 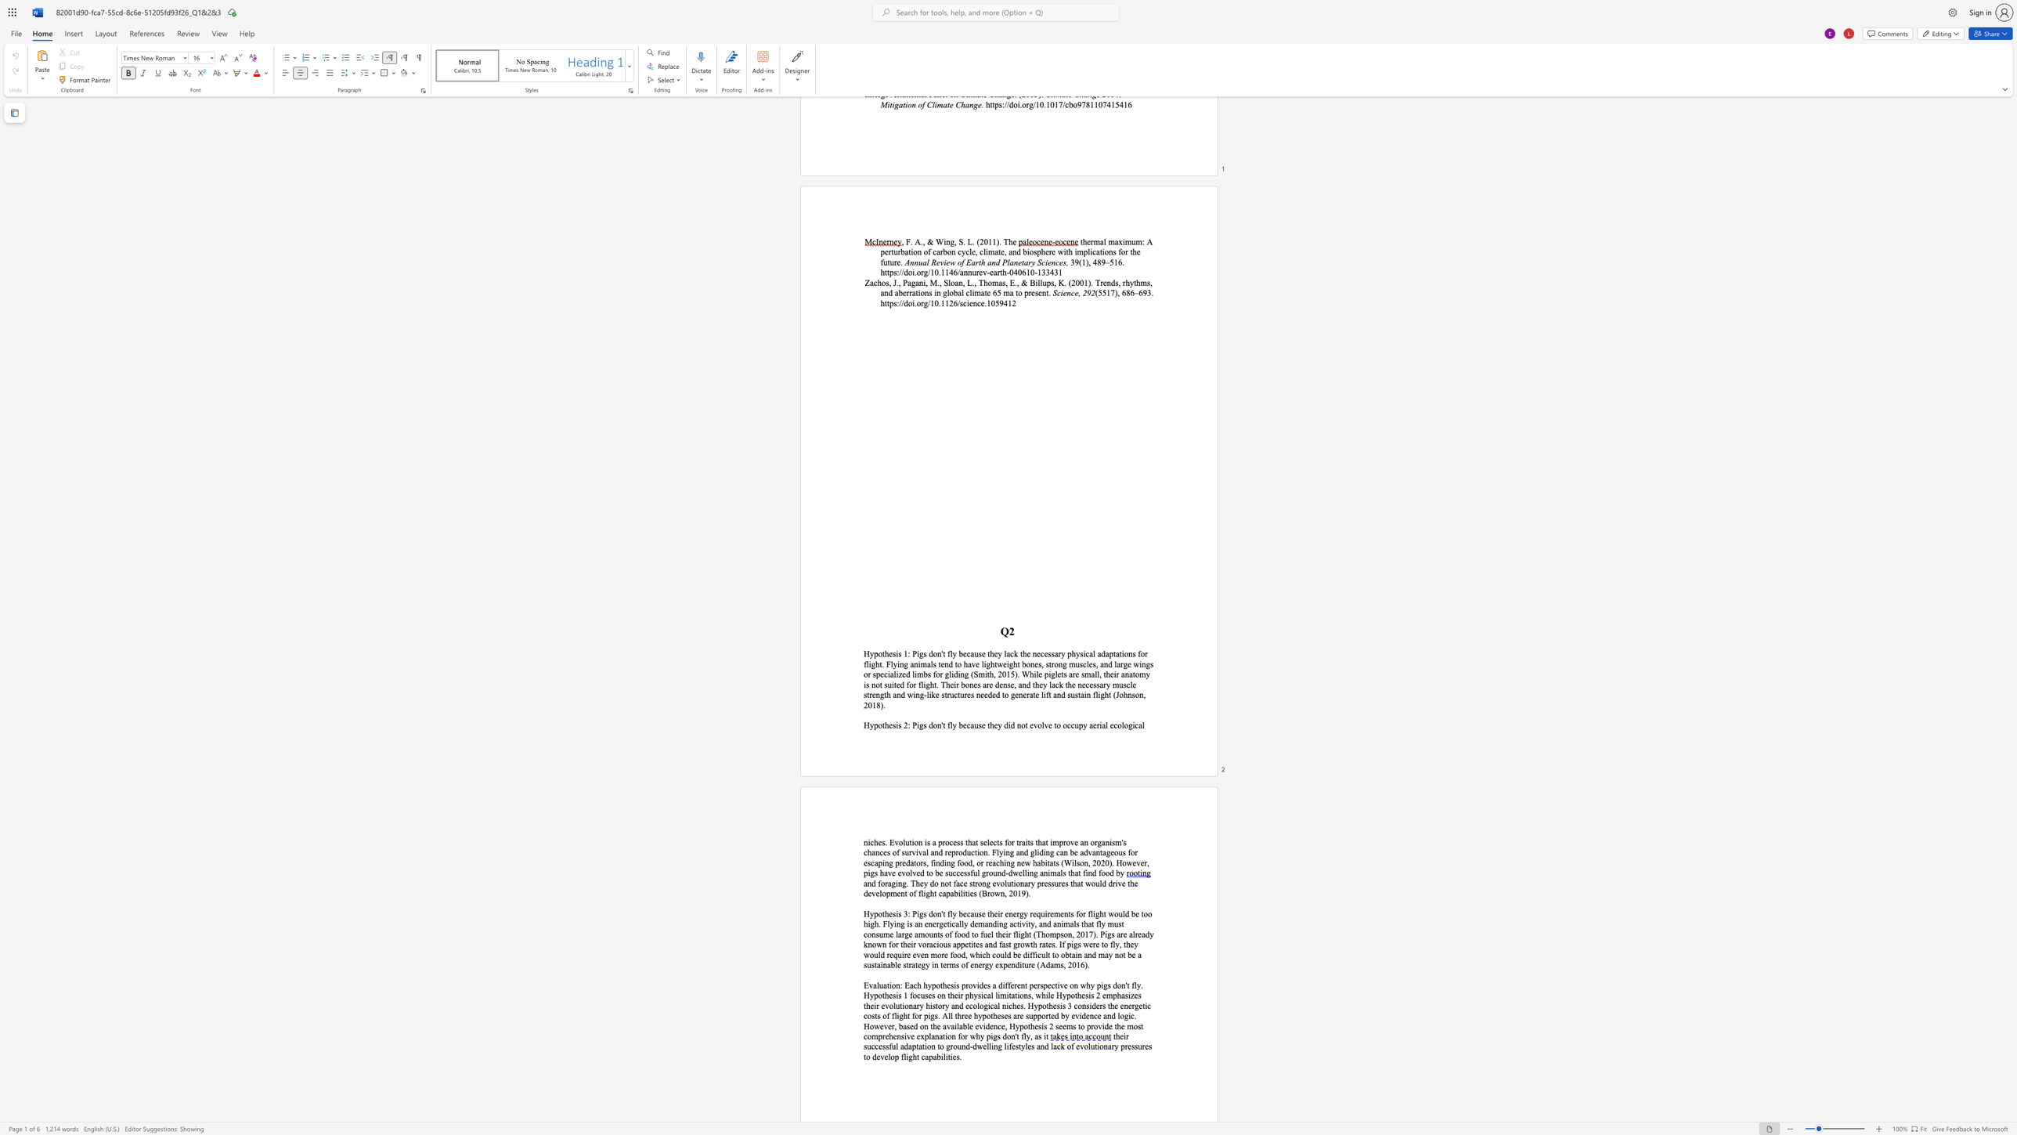 I want to click on the subset text "ysical adaptati" within the text "fly because they lack the necessary physical adaptations for", so click(x=1075, y=654).